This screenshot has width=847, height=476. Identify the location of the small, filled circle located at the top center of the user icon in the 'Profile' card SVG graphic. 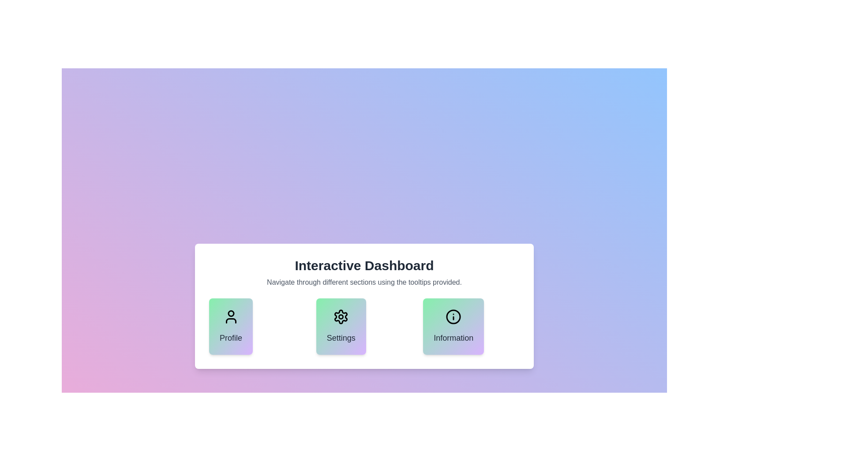
(231, 313).